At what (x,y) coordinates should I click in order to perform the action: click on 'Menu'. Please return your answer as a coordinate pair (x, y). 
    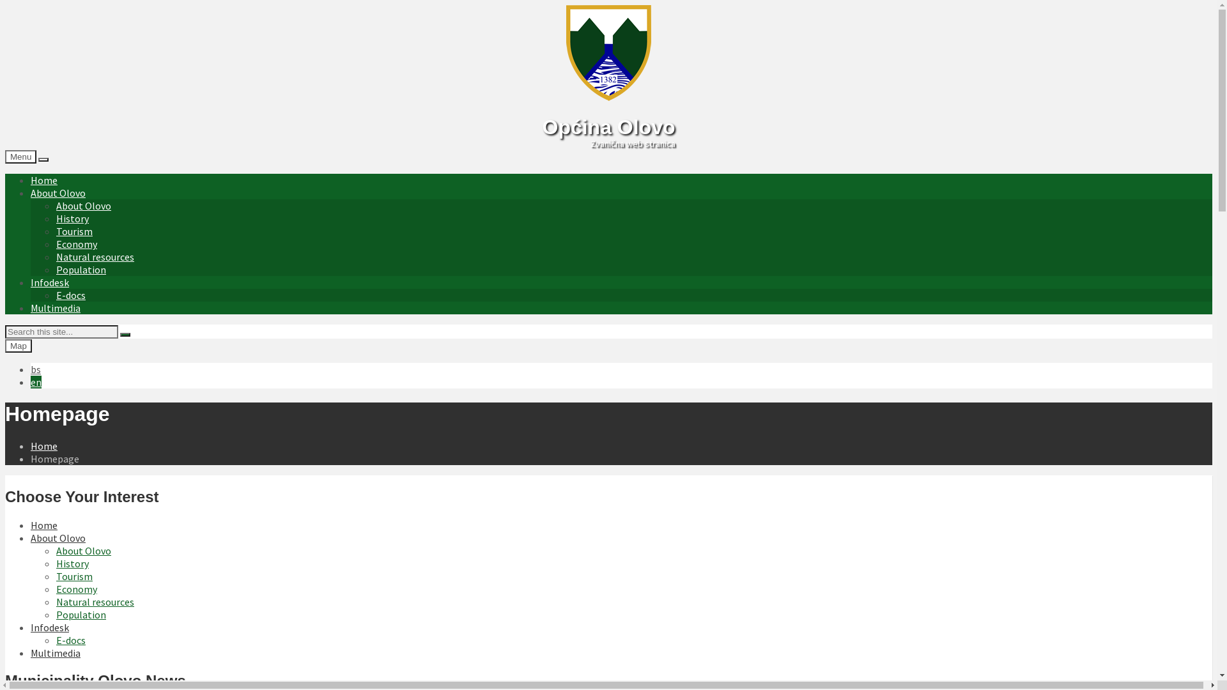
    Looking at the image, I should click on (20, 156).